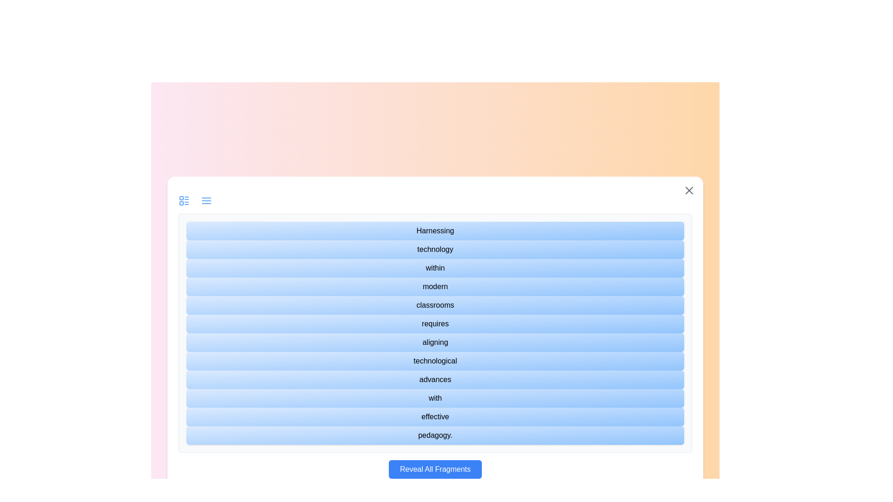  What do you see at coordinates (435, 436) in the screenshot?
I see `the text fragment labeled 'pedagogy.'` at bounding box center [435, 436].